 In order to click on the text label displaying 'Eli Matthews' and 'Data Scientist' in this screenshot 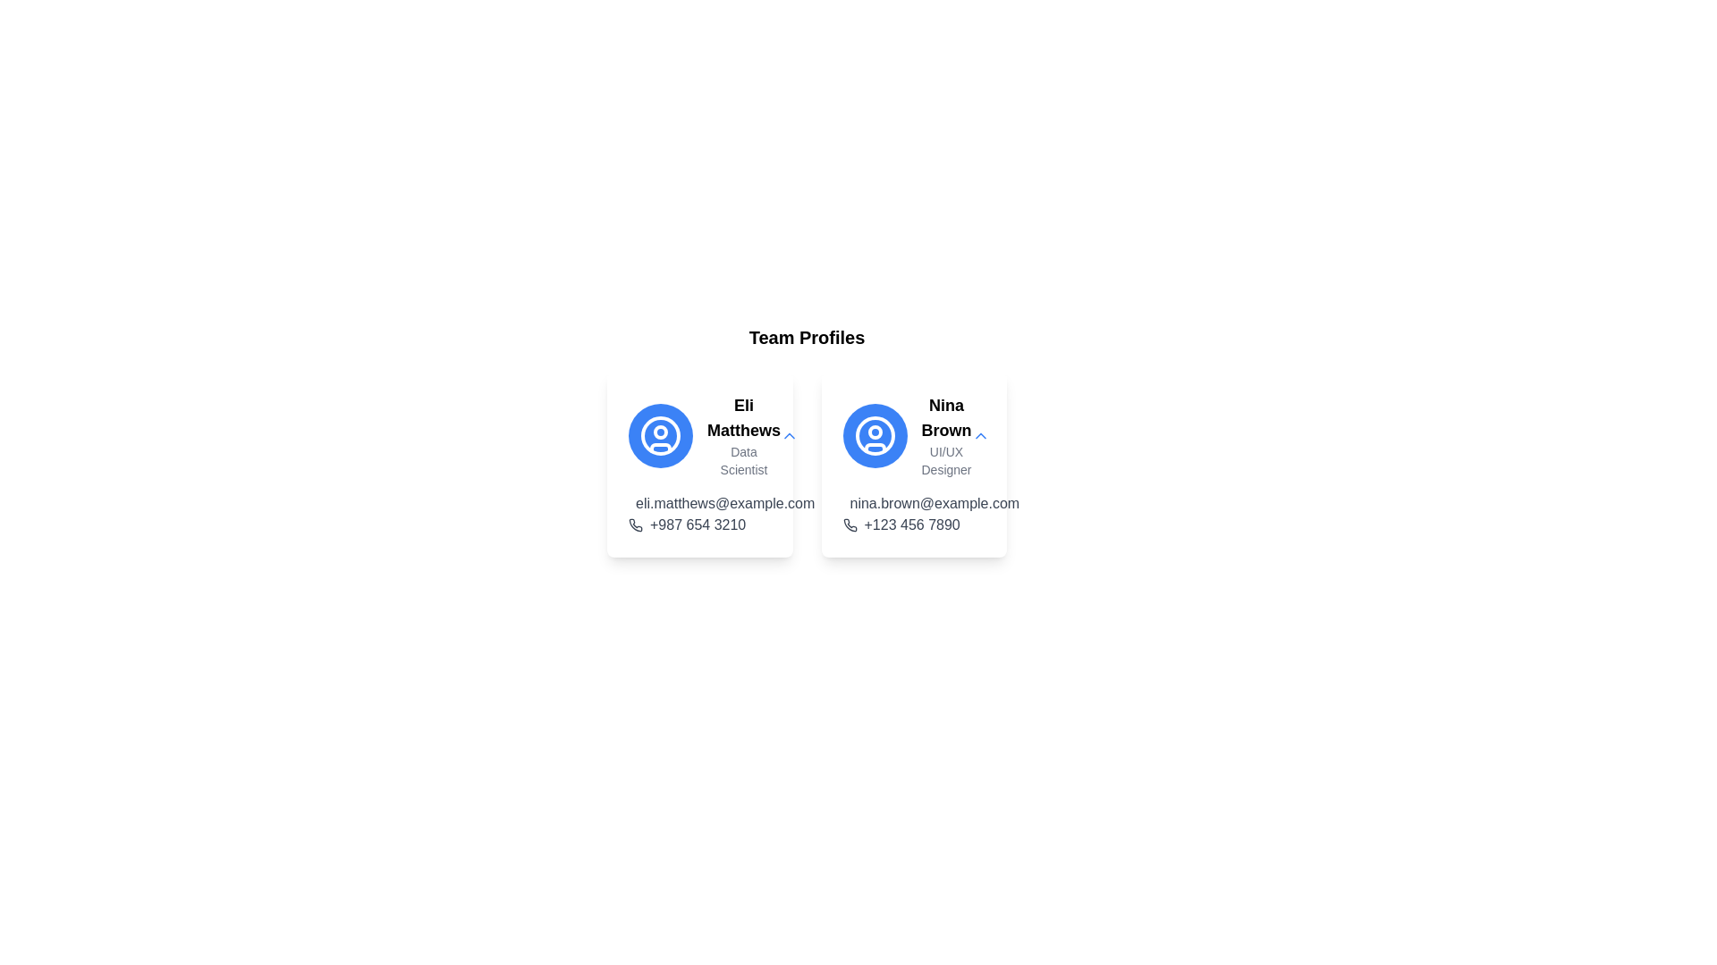, I will do `click(698, 436)`.